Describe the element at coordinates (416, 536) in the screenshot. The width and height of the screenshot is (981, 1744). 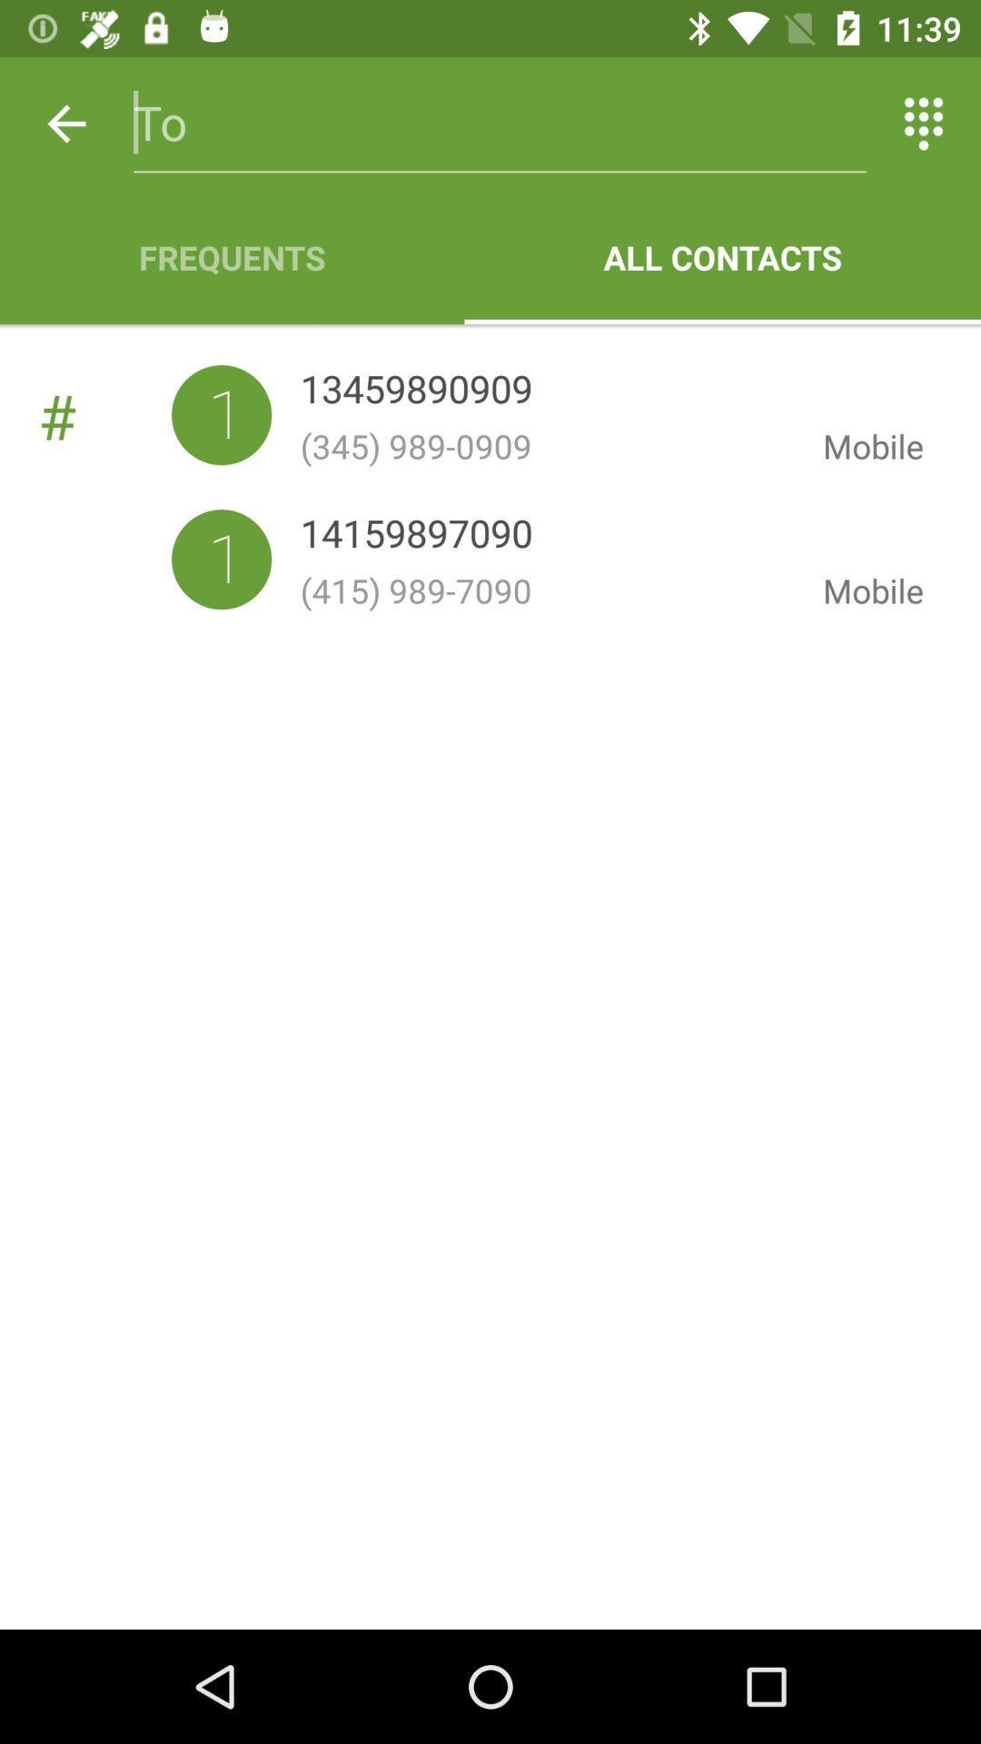
I see `icon next to mobile item` at that location.